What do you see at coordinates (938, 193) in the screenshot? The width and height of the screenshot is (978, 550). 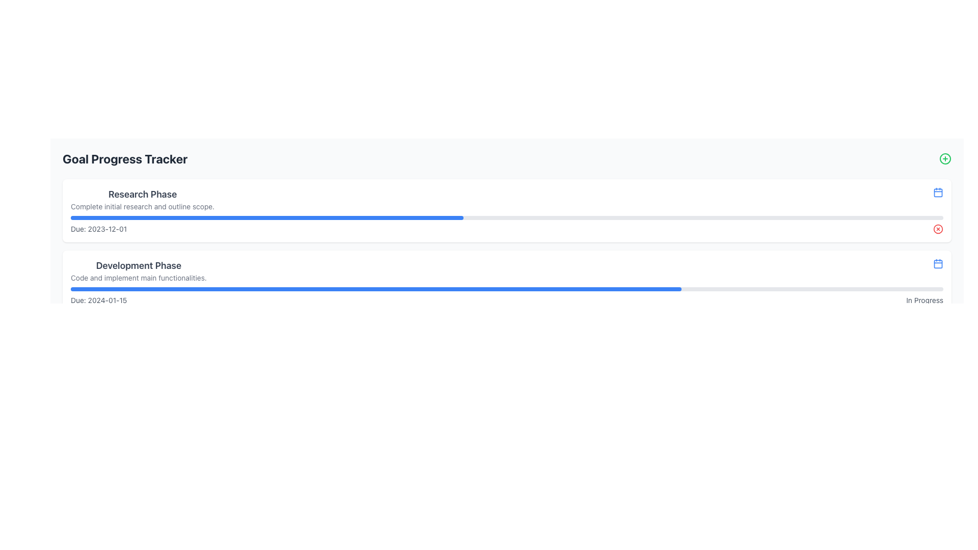 I see `the Decorative SVG rectangle component, which serves as a background for a calendar icon, to indirectly activate related logic` at bounding box center [938, 193].